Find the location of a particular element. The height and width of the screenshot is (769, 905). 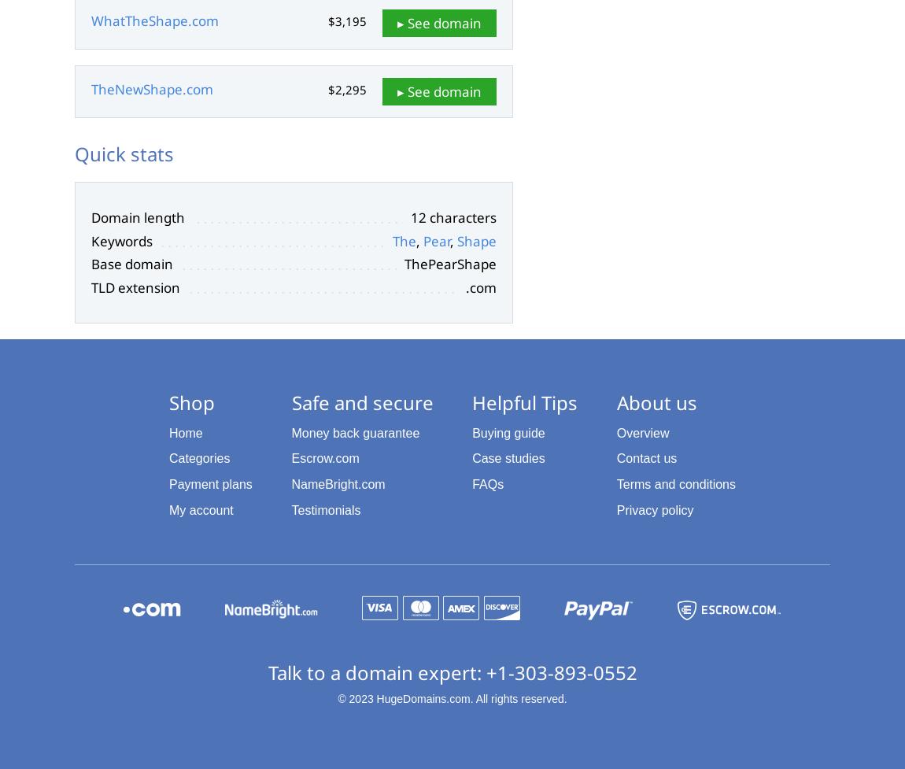

'Contact us' is located at coordinates (645, 457).